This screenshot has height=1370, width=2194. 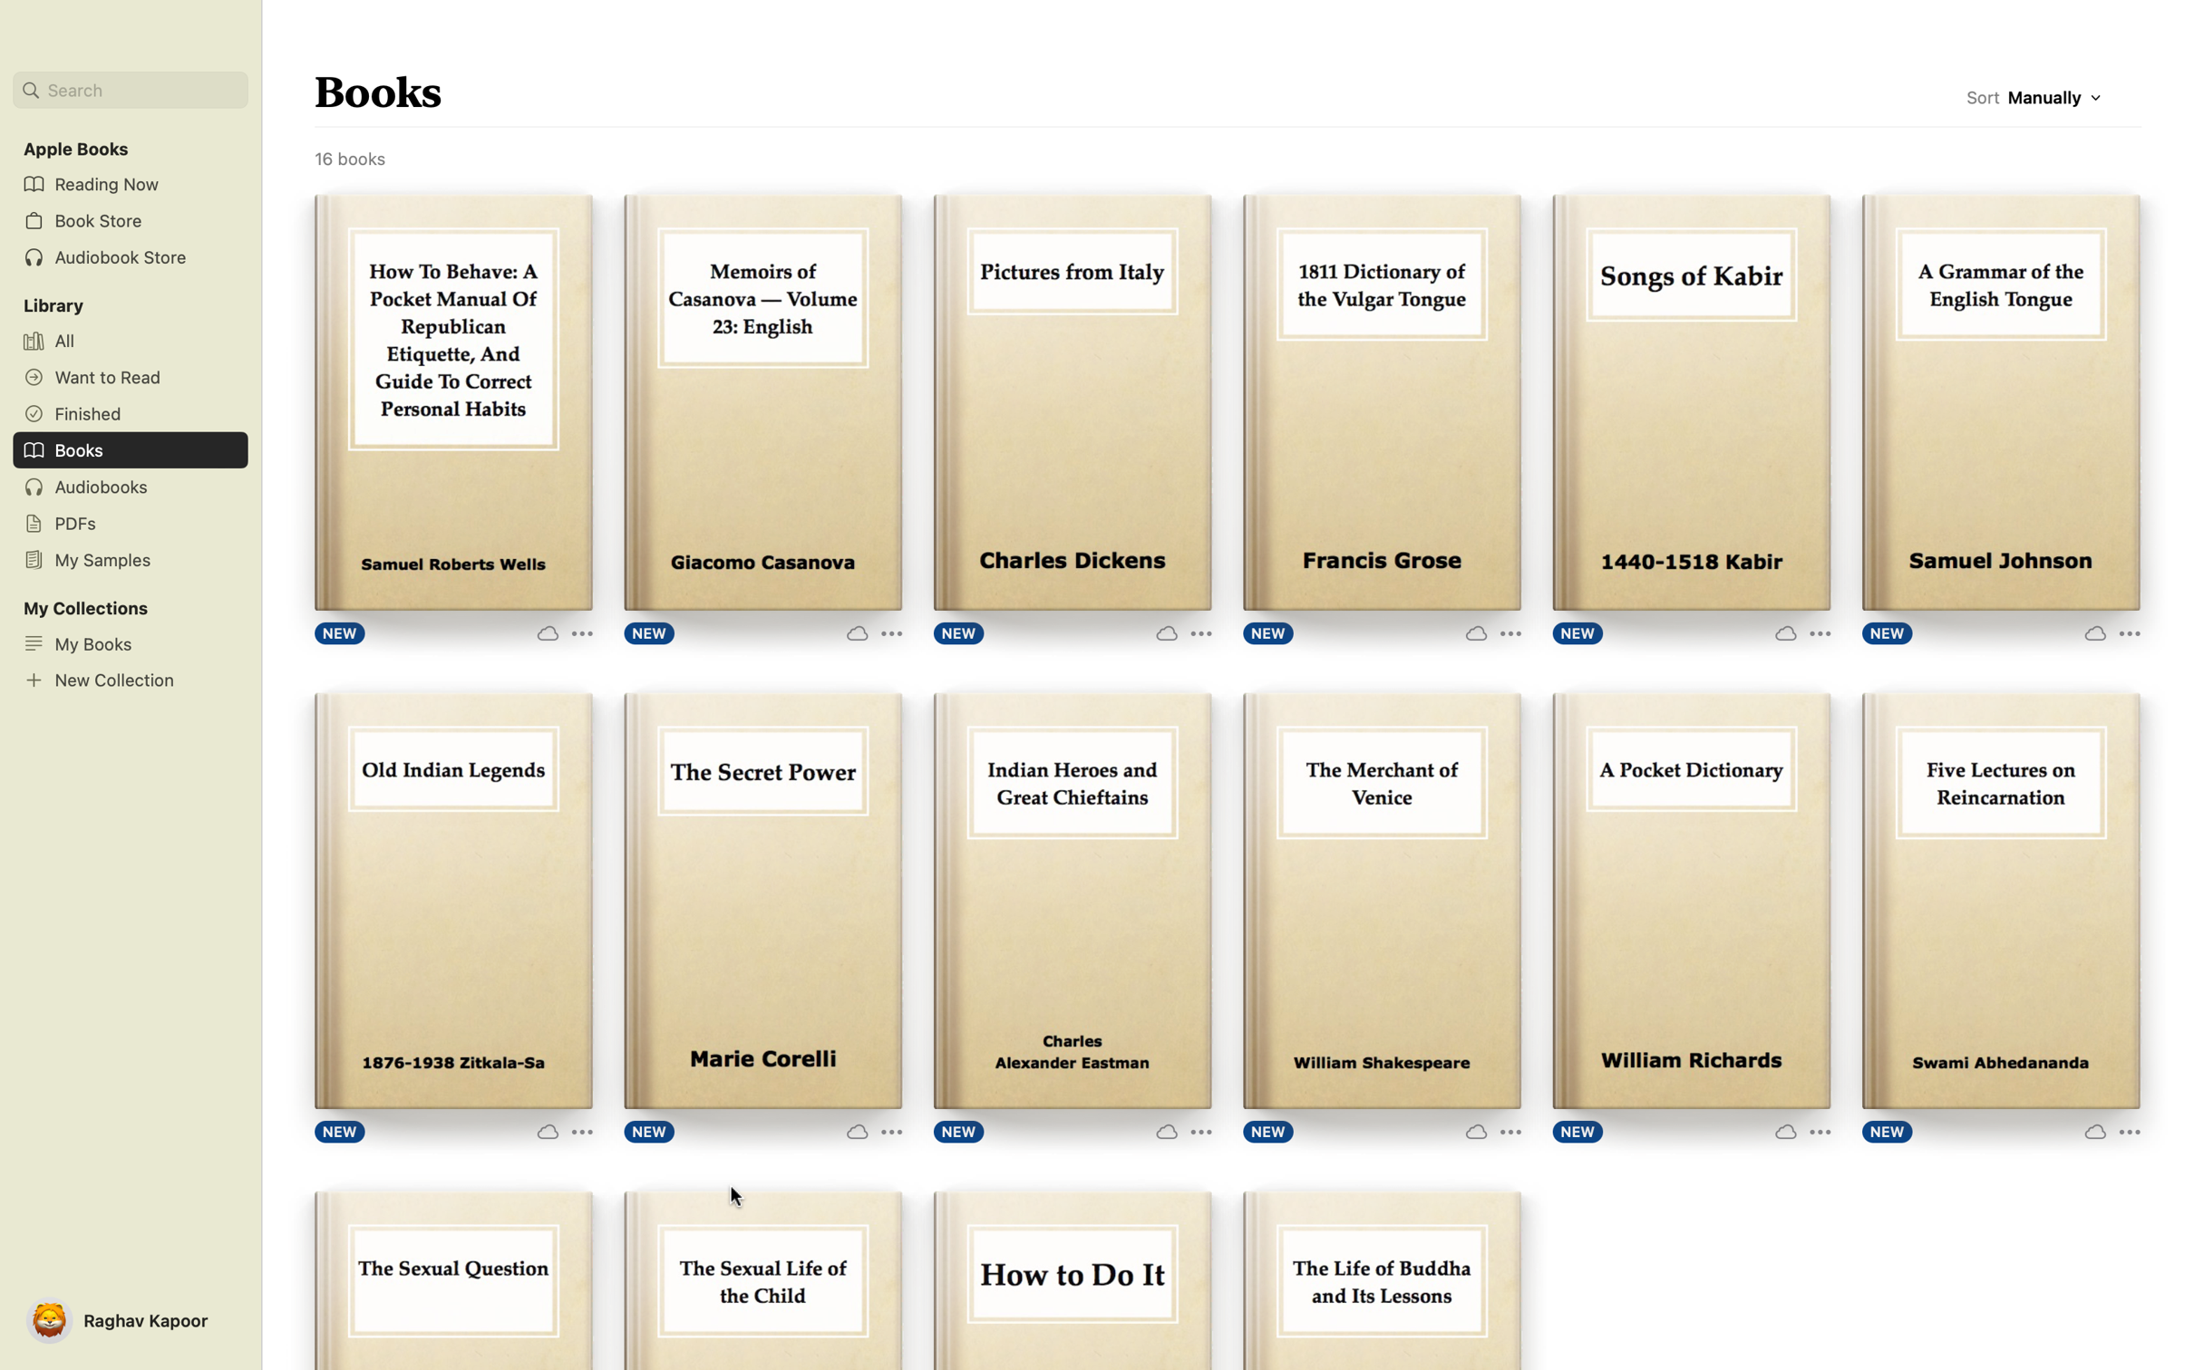 What do you see at coordinates (451, 902) in the screenshot?
I see `"Old Indian Legends" and click the "Read" button to begin your reading` at bounding box center [451, 902].